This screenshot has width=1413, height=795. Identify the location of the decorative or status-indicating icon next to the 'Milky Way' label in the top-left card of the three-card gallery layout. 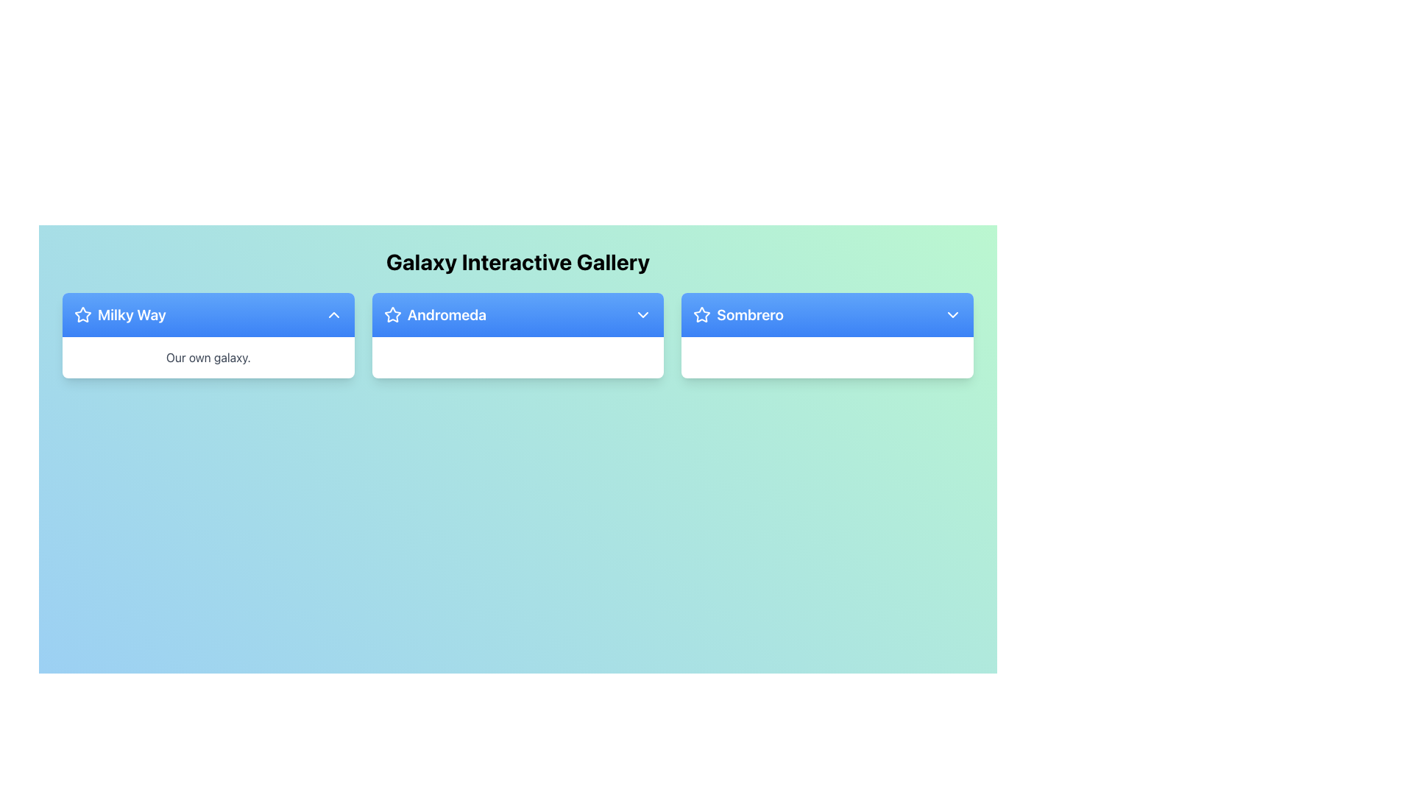
(82, 314).